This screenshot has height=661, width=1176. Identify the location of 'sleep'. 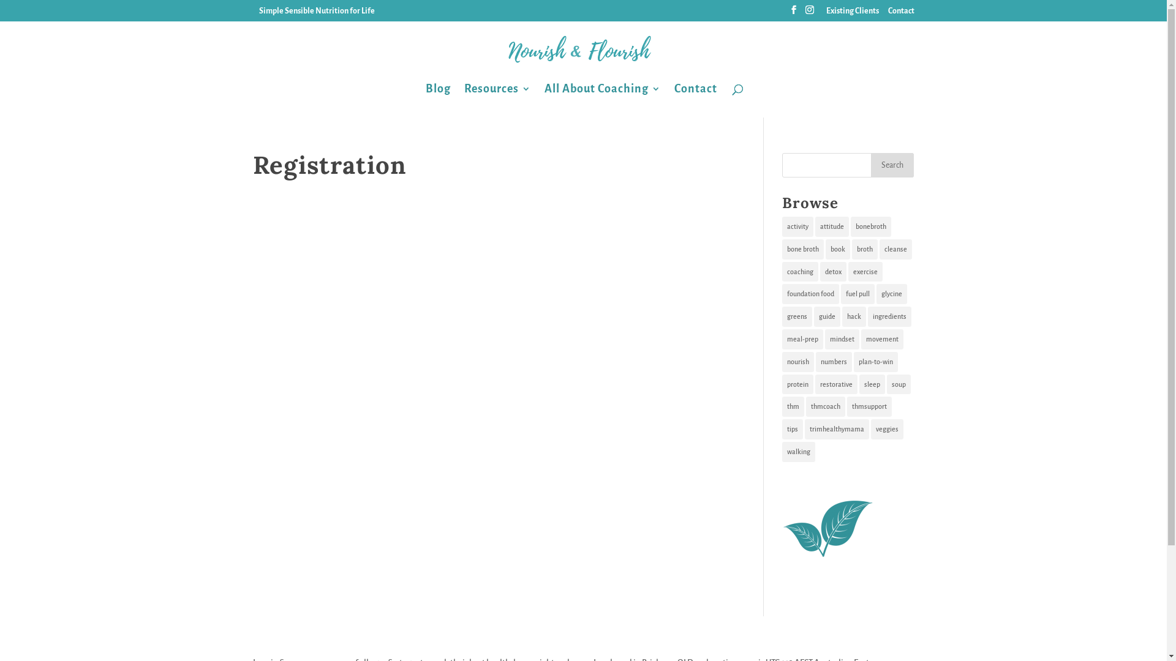
(872, 384).